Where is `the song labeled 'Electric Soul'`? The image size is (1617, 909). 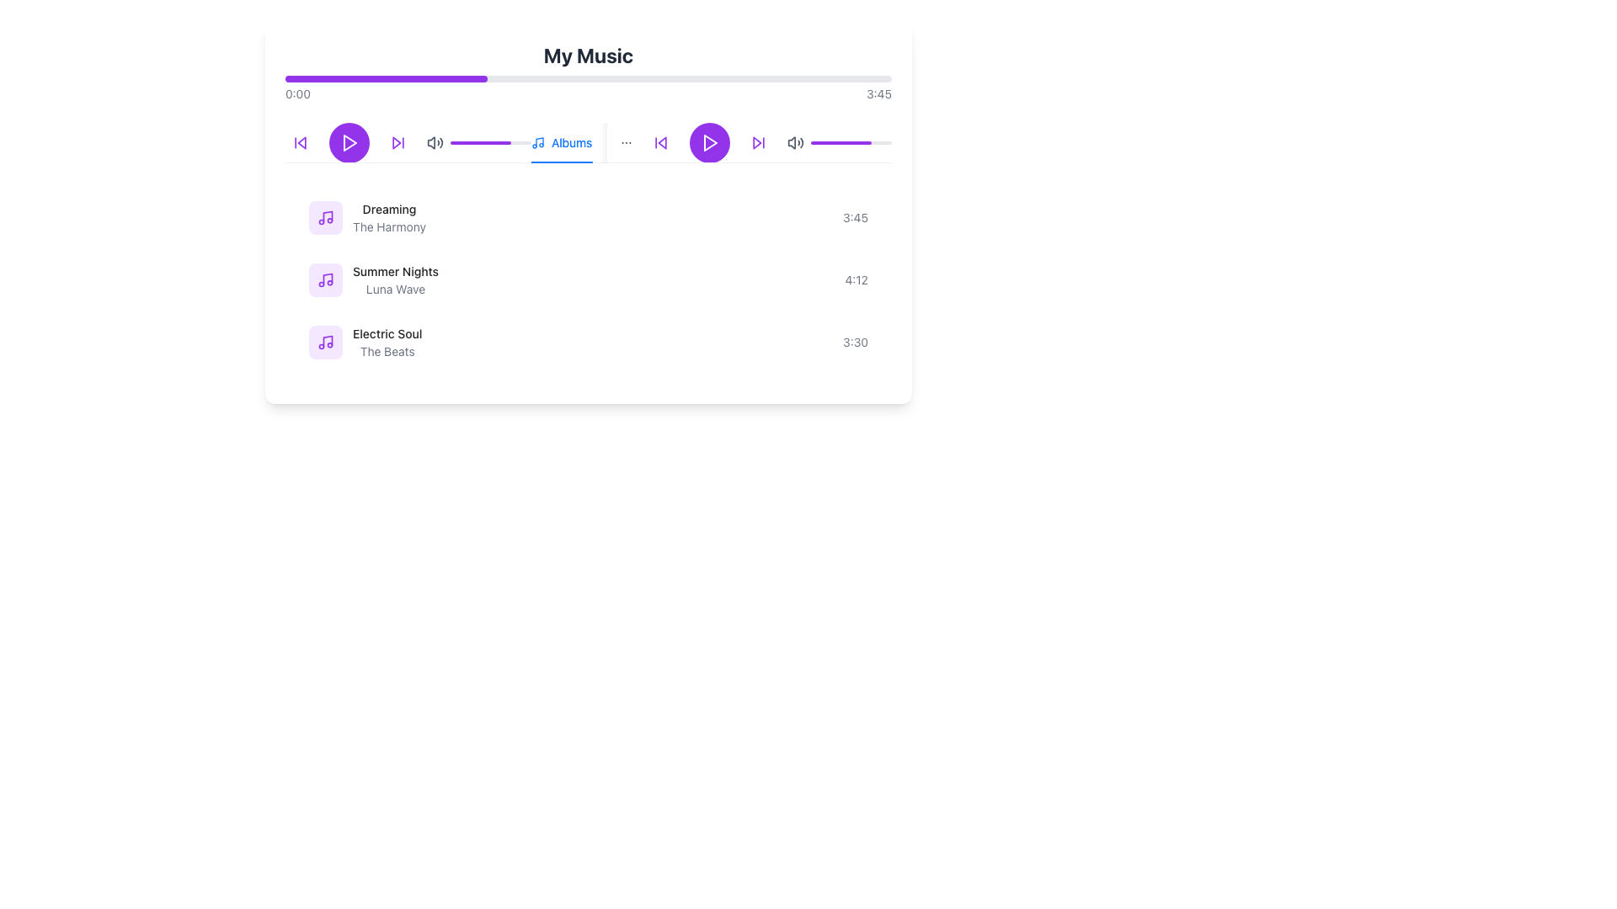 the song labeled 'Electric Soul' is located at coordinates (387, 334).